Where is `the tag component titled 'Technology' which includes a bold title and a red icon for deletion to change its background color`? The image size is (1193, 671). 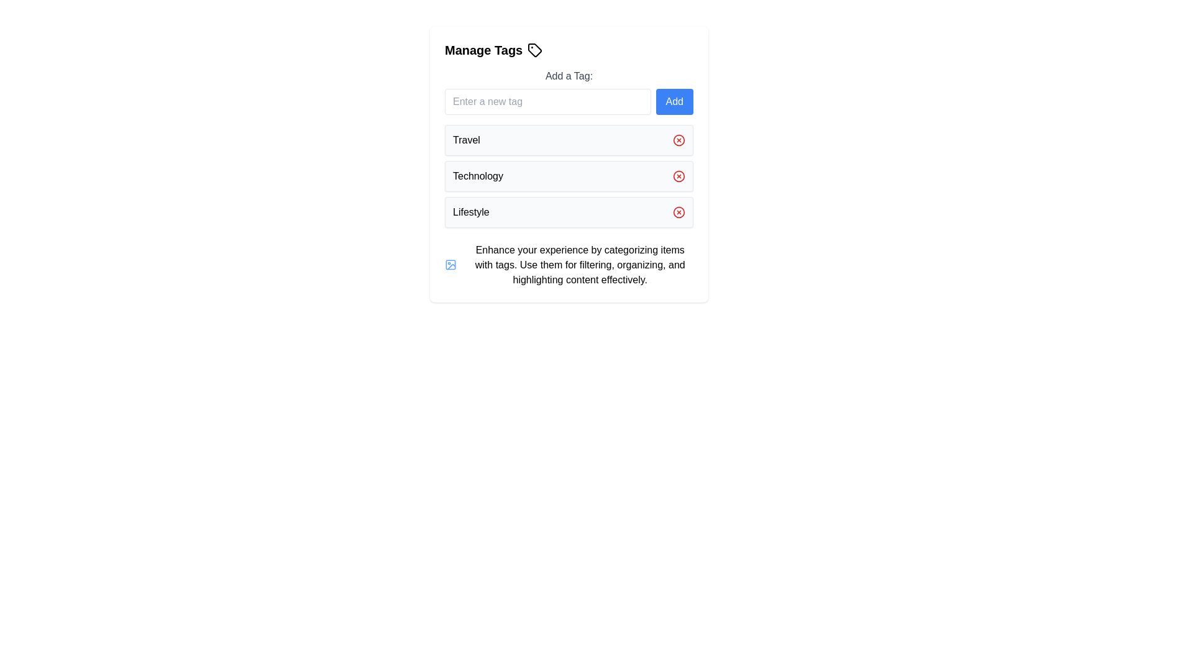
the tag component titled 'Technology' which includes a bold title and a red icon for deletion to change its background color is located at coordinates (569, 176).